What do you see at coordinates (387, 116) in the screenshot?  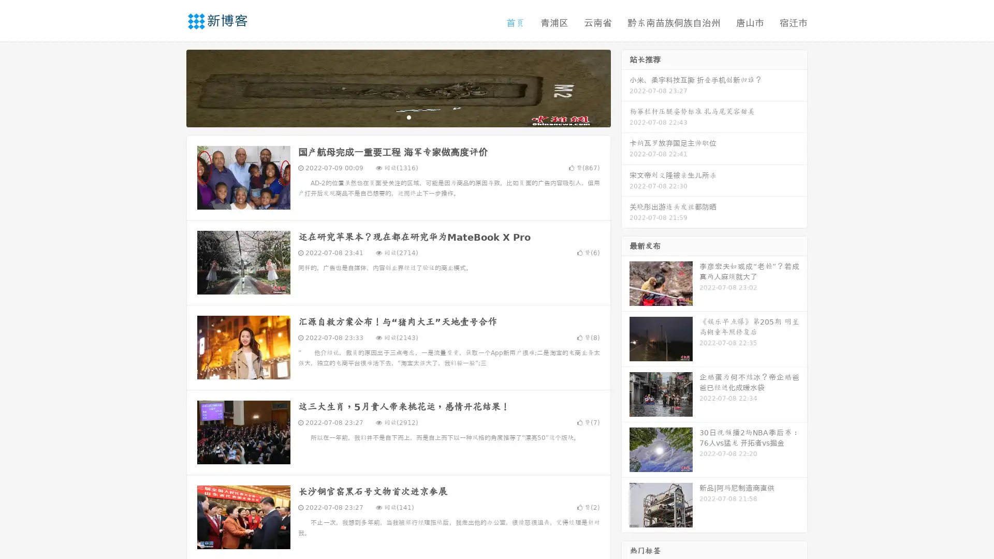 I see `Go to slide 1` at bounding box center [387, 116].